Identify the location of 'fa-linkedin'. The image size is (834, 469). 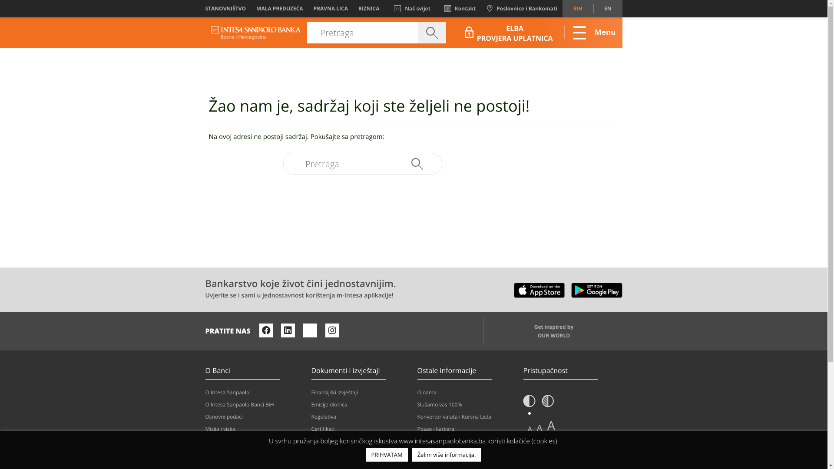
(288, 330).